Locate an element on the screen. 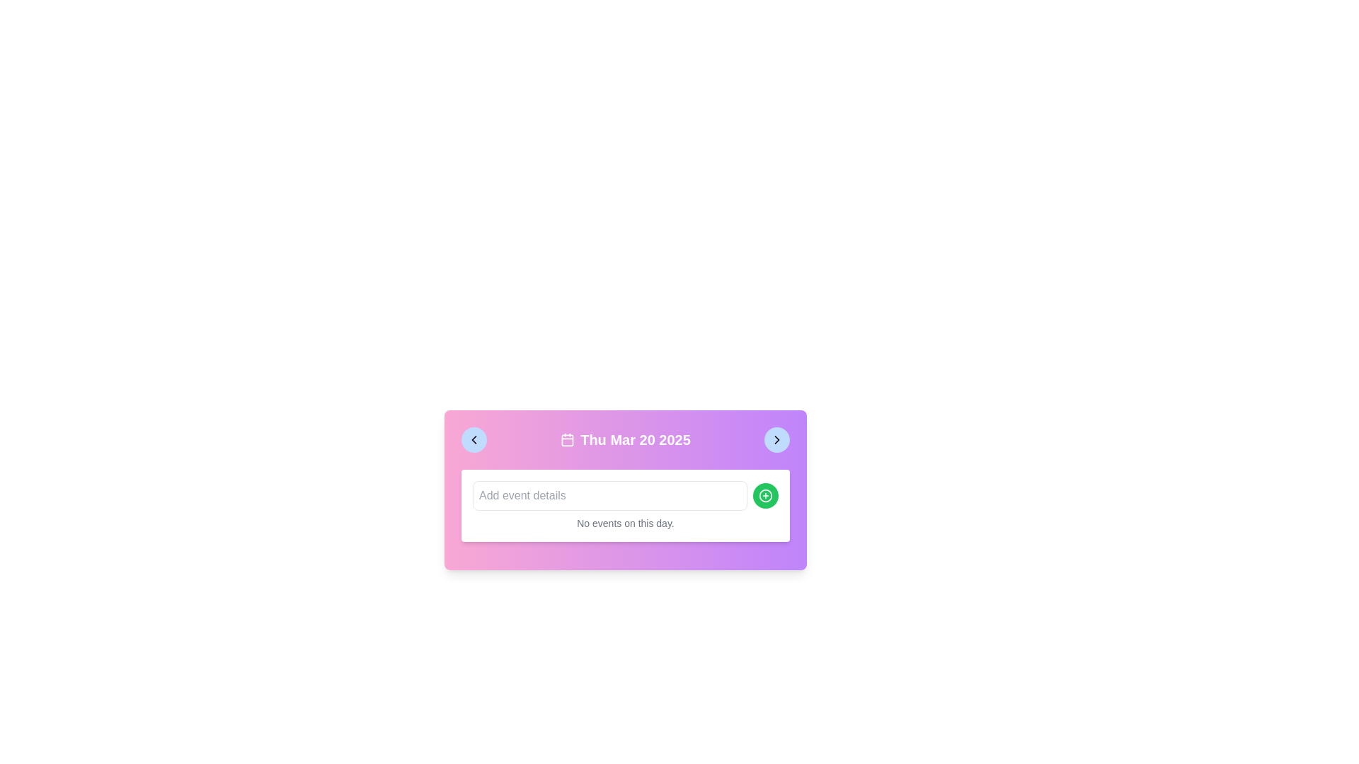 This screenshot has width=1359, height=764. the 'add' icon button located at the right side of the 'Add event details' input box, which is part of a colorful panel with a gradient background transitioning from pink to purple is located at coordinates (764, 495).